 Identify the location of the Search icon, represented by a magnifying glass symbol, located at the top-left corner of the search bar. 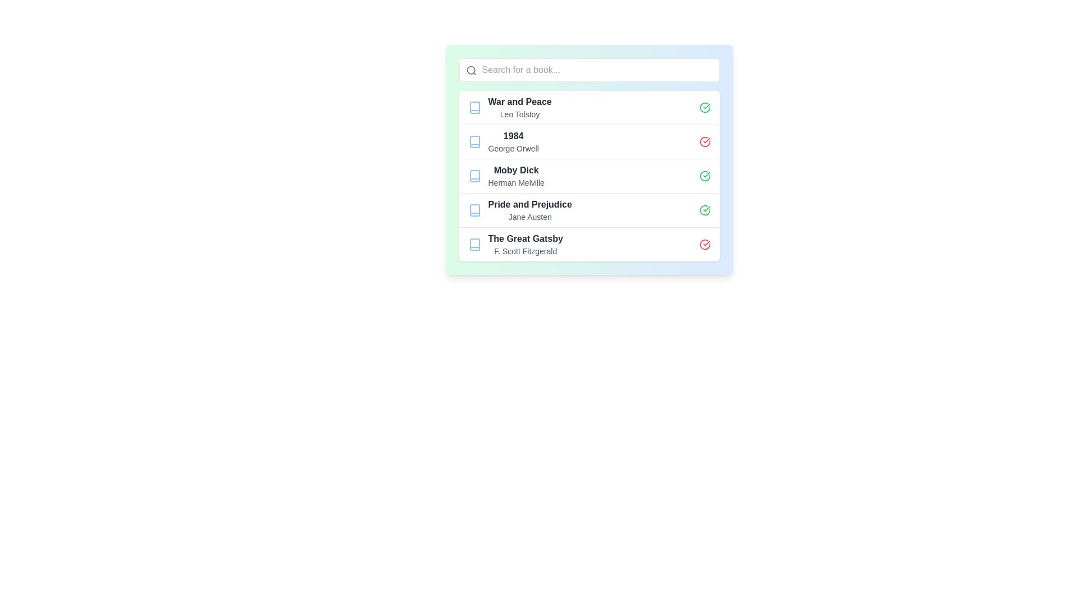
(471, 71).